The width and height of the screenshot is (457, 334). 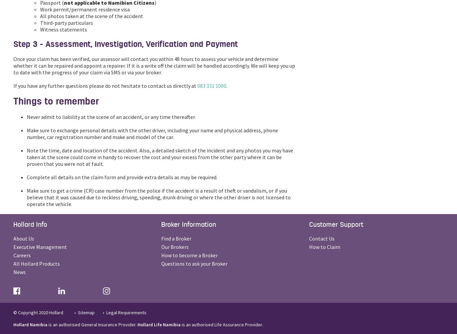 I want to click on 'Customer Support', so click(x=336, y=224).